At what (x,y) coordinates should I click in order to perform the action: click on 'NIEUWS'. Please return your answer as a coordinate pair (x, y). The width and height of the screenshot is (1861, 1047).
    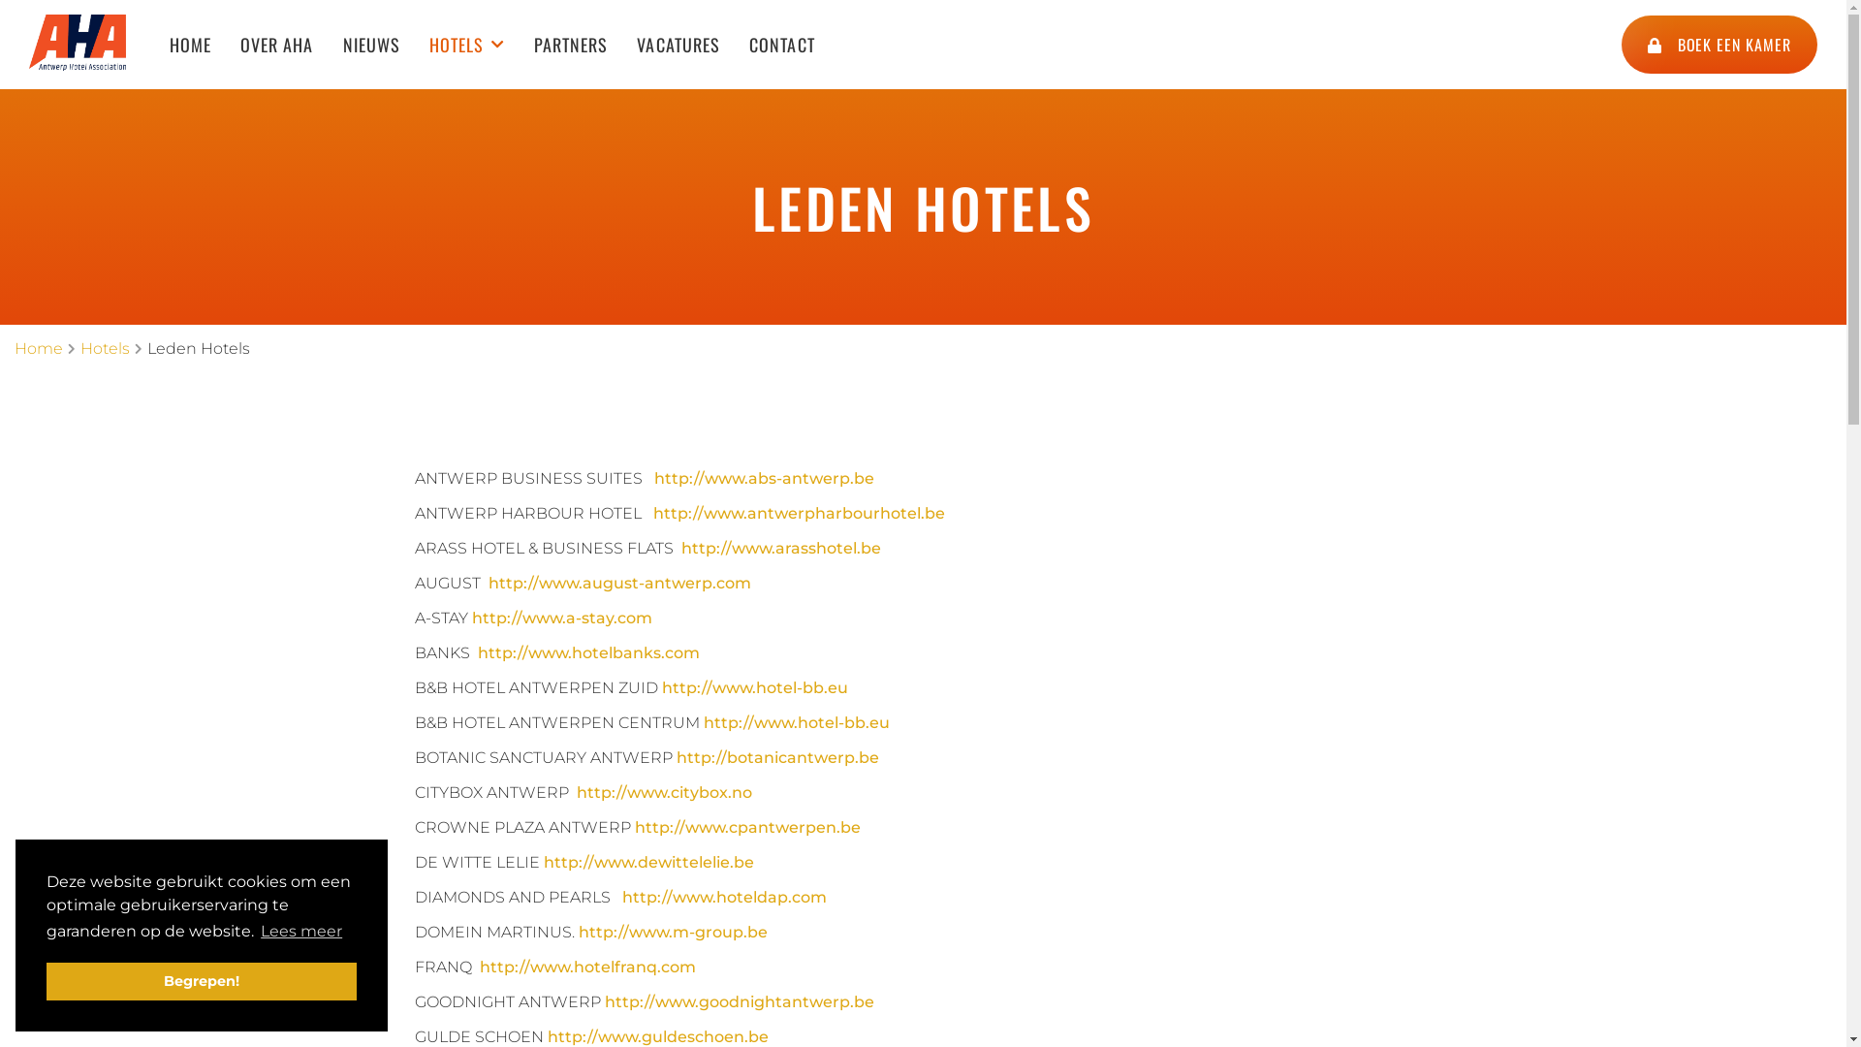
    Looking at the image, I should click on (371, 44).